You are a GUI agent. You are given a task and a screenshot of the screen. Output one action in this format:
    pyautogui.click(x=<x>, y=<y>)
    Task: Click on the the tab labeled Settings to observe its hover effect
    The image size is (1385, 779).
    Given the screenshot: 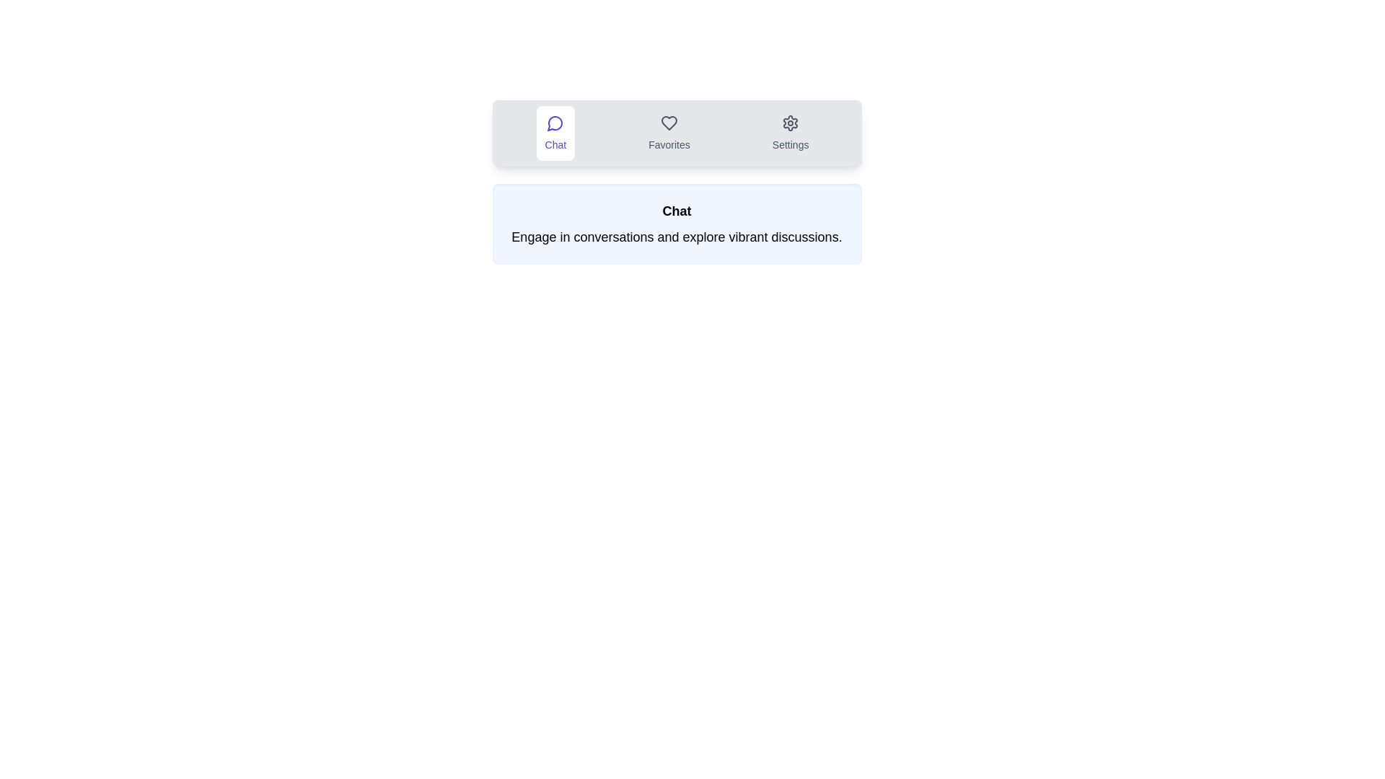 What is the action you would take?
    pyautogui.click(x=790, y=133)
    